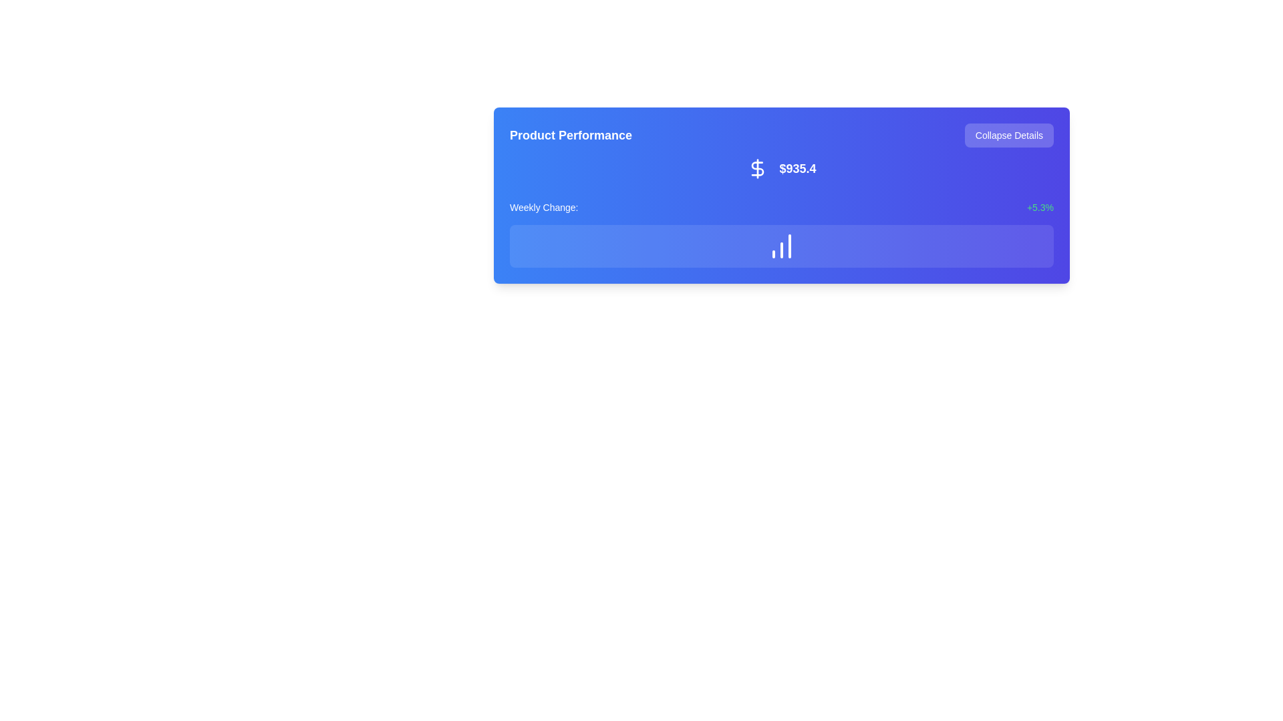  What do you see at coordinates (782, 246) in the screenshot?
I see `the decorative data representation element located below the 'Weekly Change: +5.3%' section, which visually summarizes a performance metric` at bounding box center [782, 246].